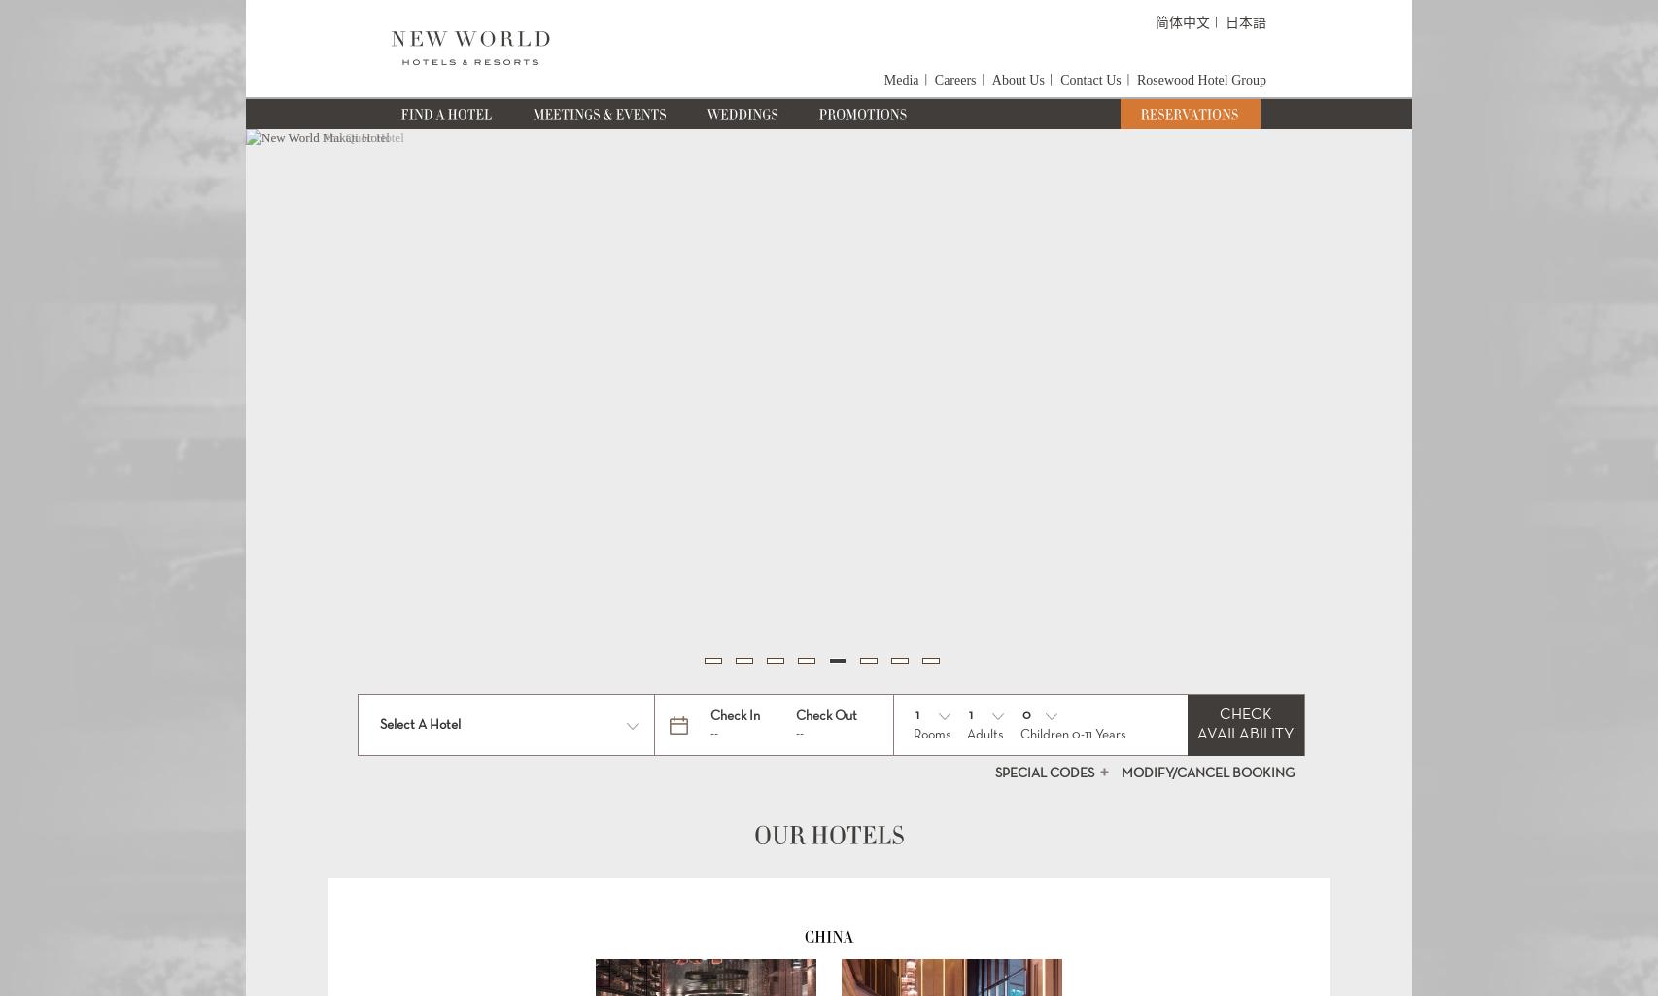  What do you see at coordinates (933, 79) in the screenshot?
I see `'Careers'` at bounding box center [933, 79].